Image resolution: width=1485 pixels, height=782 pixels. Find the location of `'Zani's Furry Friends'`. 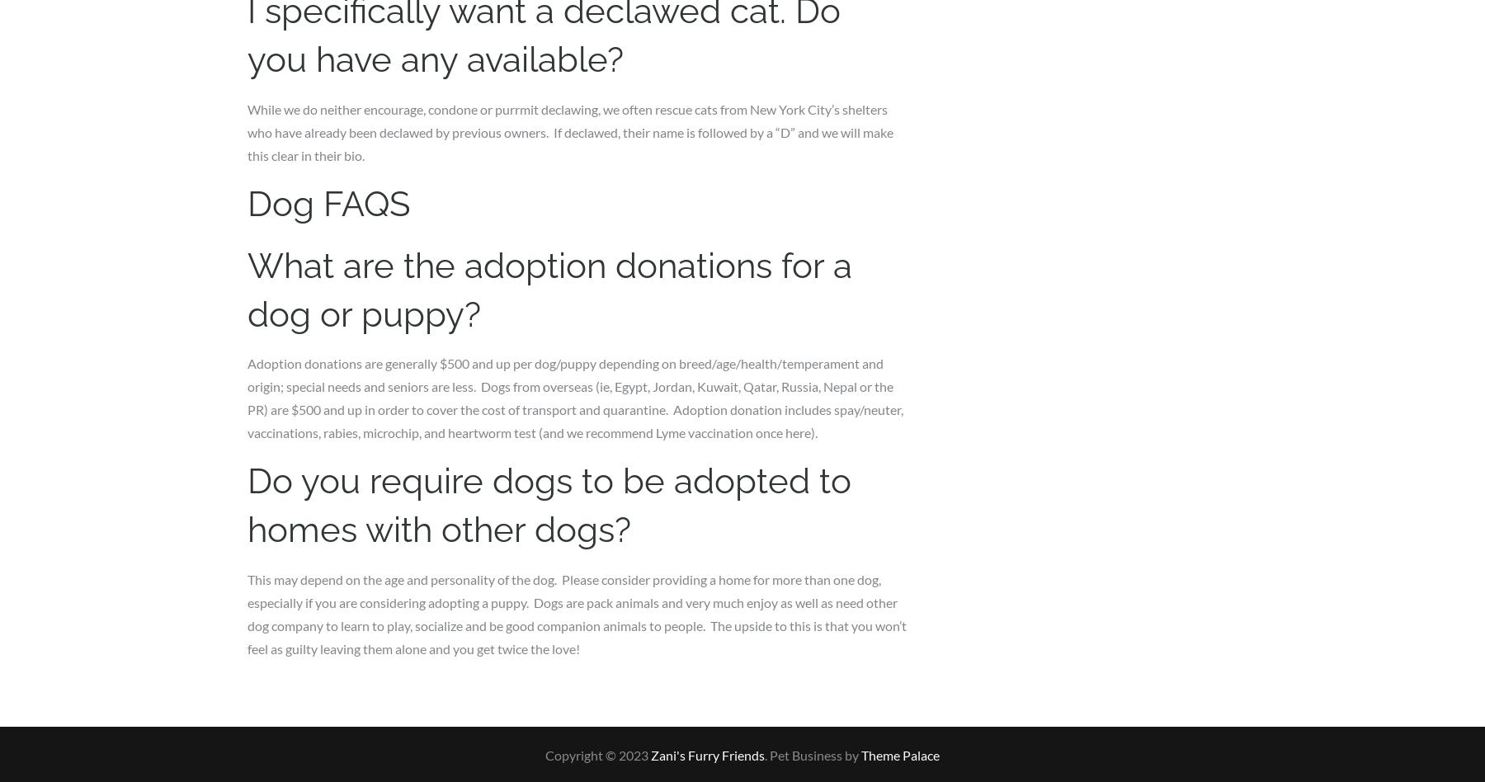

'Zani's Furry Friends' is located at coordinates (708, 753).